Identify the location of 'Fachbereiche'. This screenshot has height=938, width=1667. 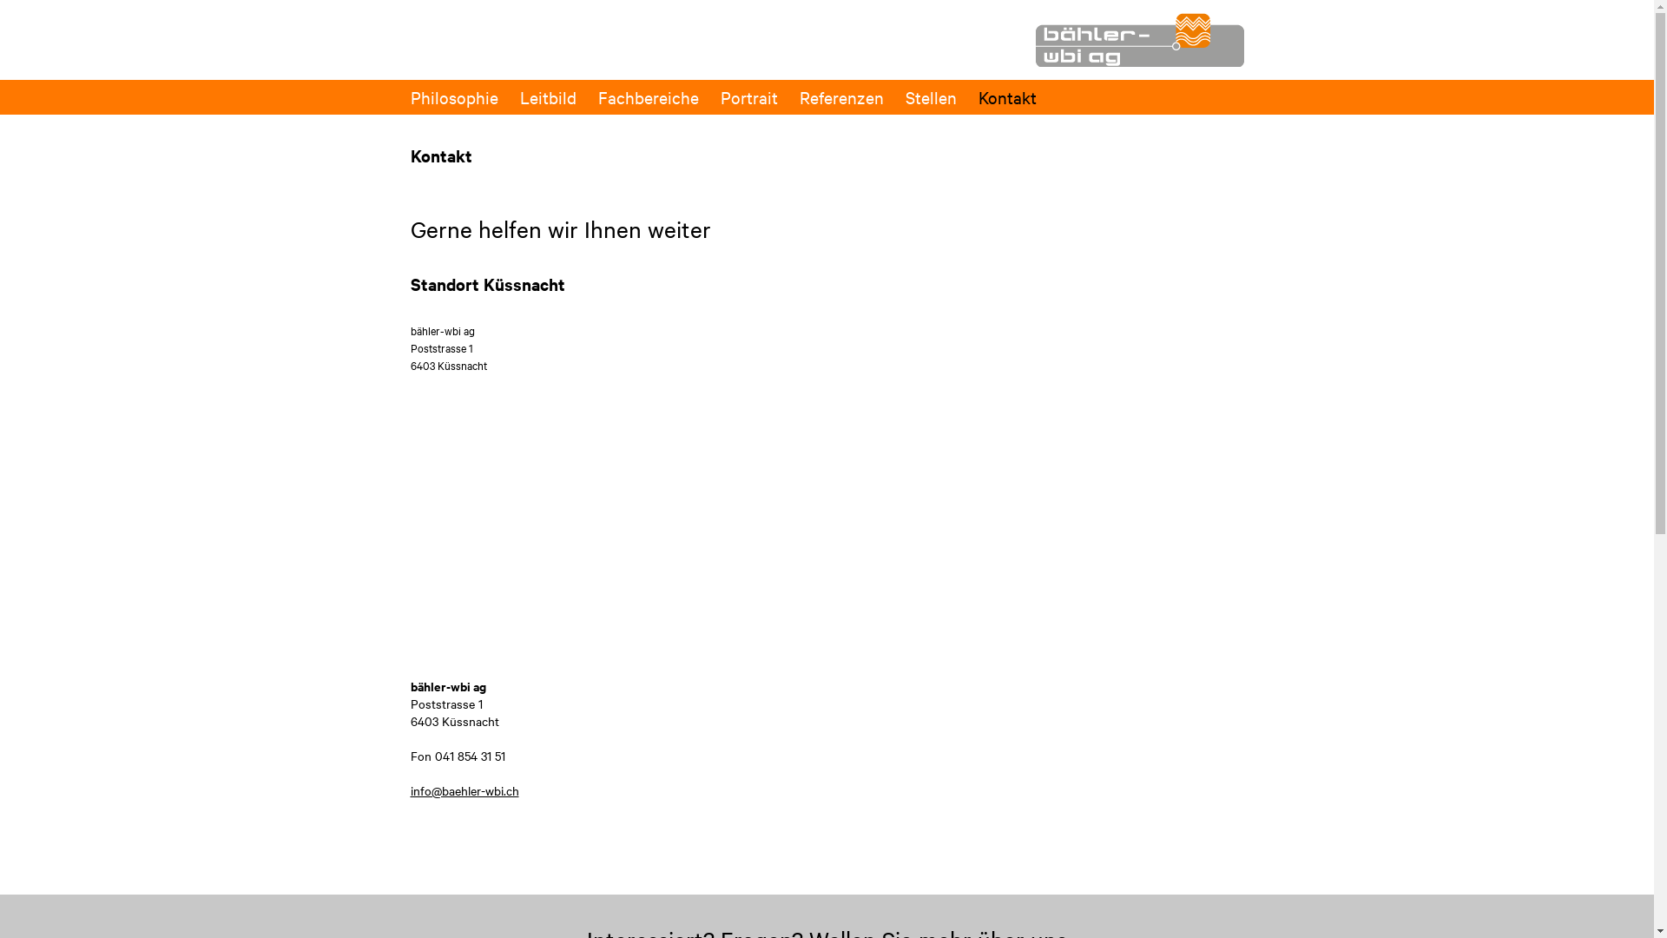
(646, 96).